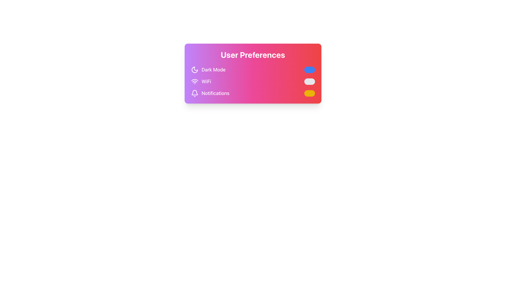 The image size is (513, 289). Describe the element at coordinates (201, 81) in the screenshot. I see `the WiFi icon visually, which is the second item in a vertical list of three options, positioned beneath 'Dark Mode'` at that location.